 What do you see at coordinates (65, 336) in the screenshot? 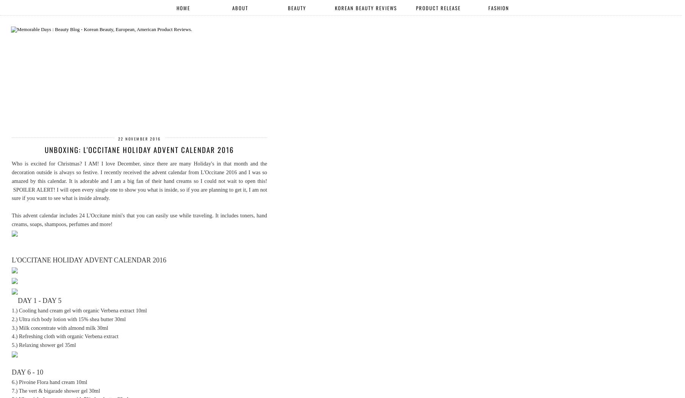
I see `'4.) Refreshing cloth with organic Verbena extract'` at bounding box center [65, 336].